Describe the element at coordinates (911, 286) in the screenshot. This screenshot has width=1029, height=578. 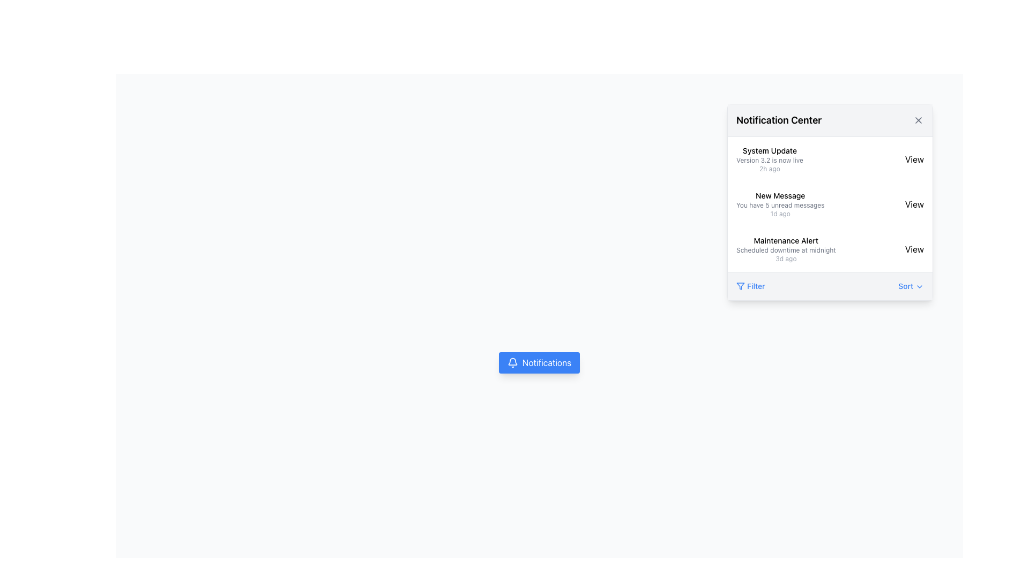
I see `the interactive link with an accompanying icon located in the bottom-right corner of the notification popover's footer area, positioned to the right of the 'Filter' element via keyboard navigation` at that location.